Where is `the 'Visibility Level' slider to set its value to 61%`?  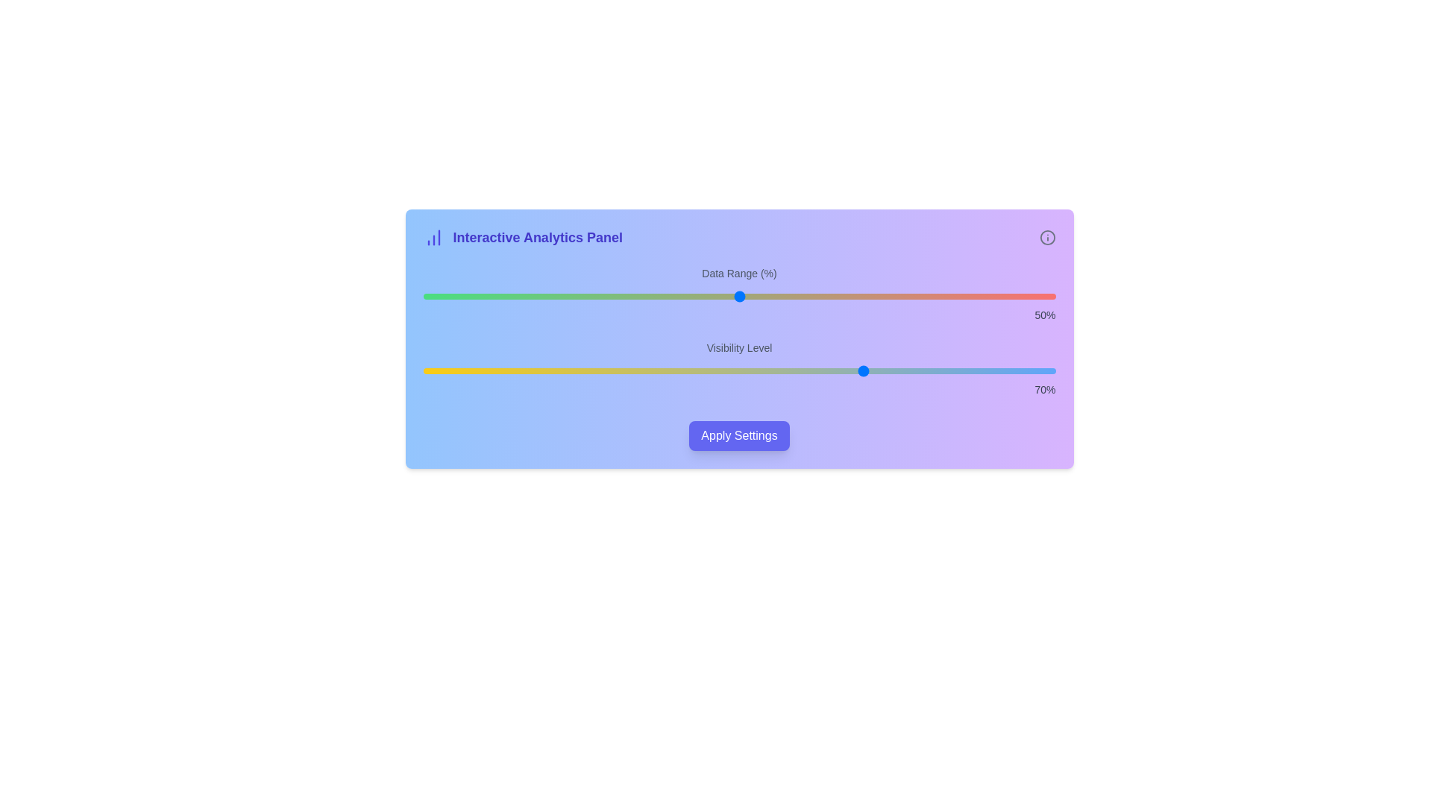 the 'Visibility Level' slider to set its value to 61% is located at coordinates (808, 370).